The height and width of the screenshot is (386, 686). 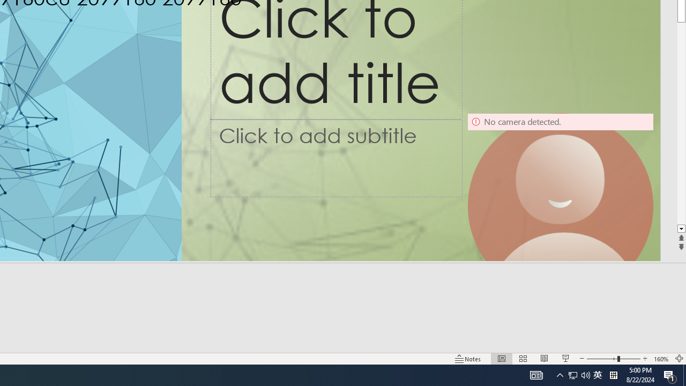 What do you see at coordinates (678, 359) in the screenshot?
I see `'Zoom to Fit '` at bounding box center [678, 359].